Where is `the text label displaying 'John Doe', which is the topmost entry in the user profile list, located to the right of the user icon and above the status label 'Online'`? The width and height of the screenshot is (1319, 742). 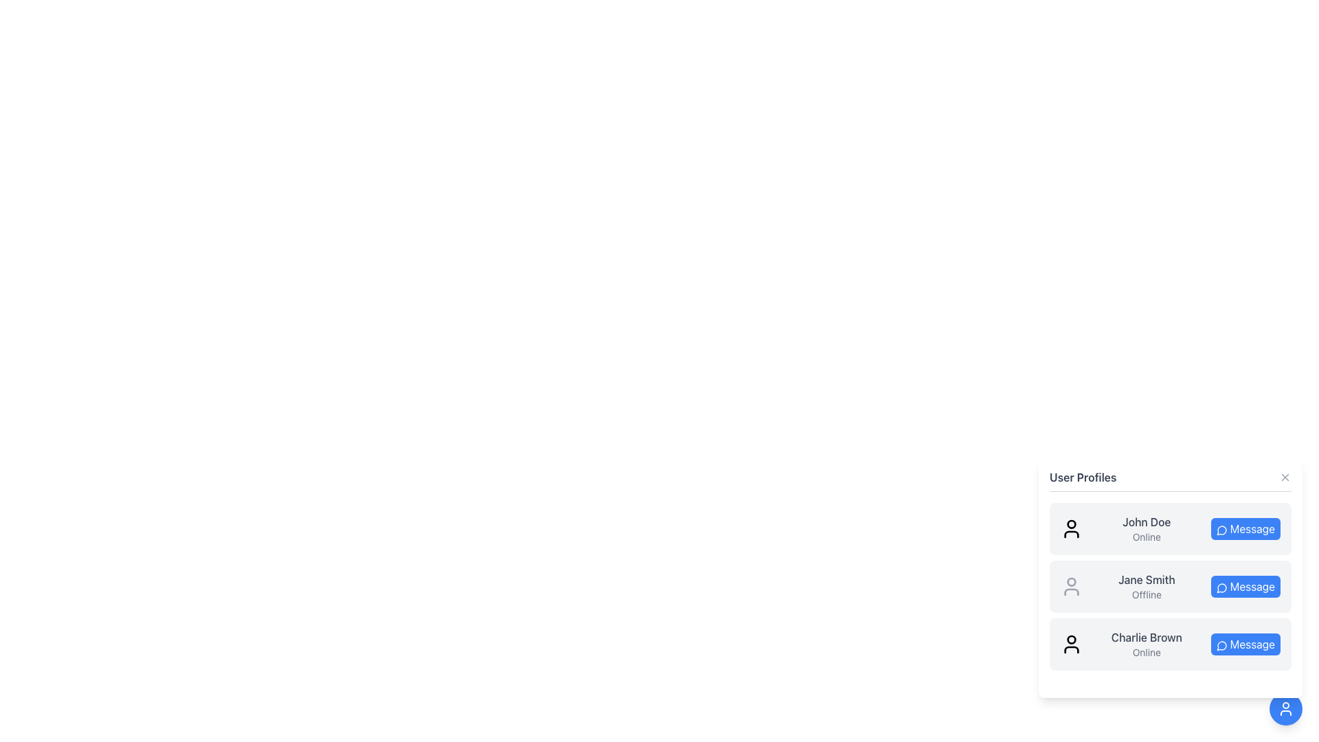 the text label displaying 'John Doe', which is the topmost entry in the user profile list, located to the right of the user icon and above the status label 'Online' is located at coordinates (1147, 521).